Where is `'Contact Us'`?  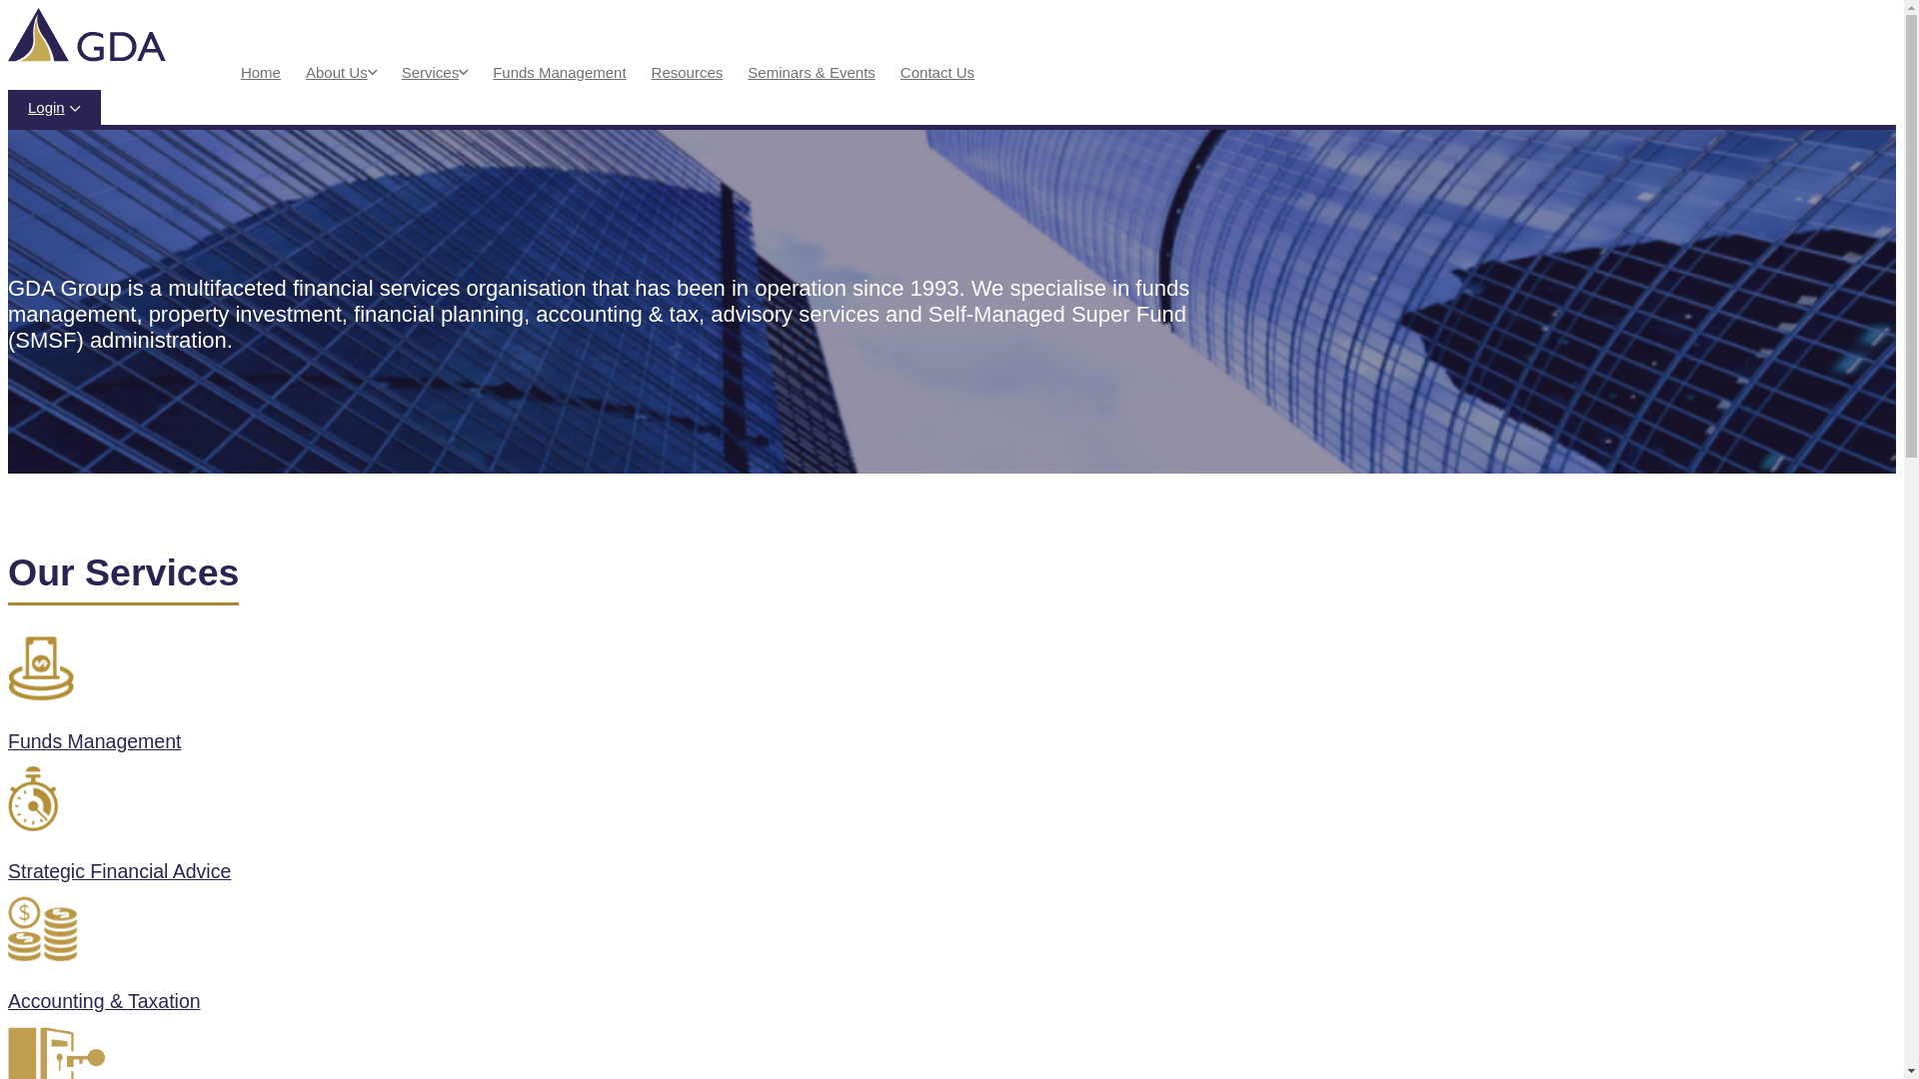
'Contact Us' is located at coordinates (900, 71).